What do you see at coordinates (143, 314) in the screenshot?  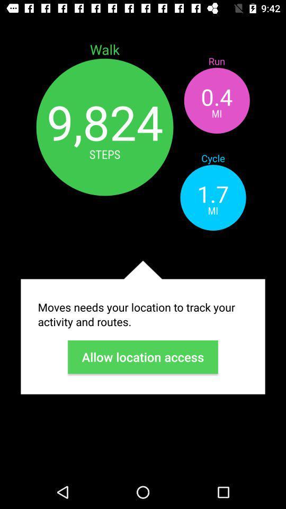 I see `moves needs your at the center` at bounding box center [143, 314].